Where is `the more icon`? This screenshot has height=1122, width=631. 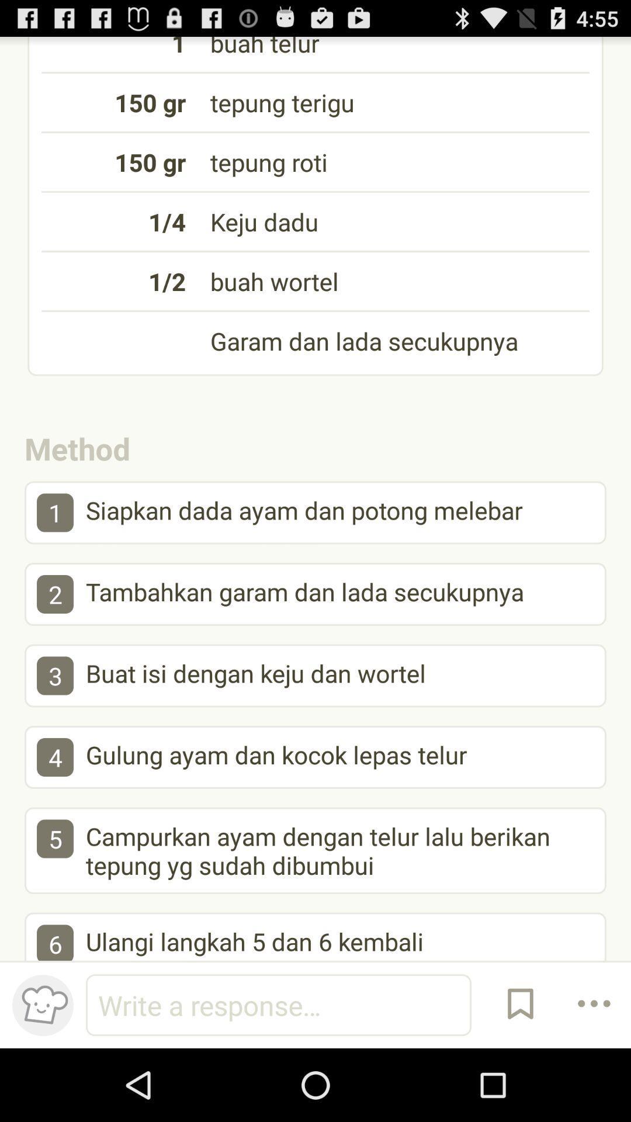 the more icon is located at coordinates (594, 1075).